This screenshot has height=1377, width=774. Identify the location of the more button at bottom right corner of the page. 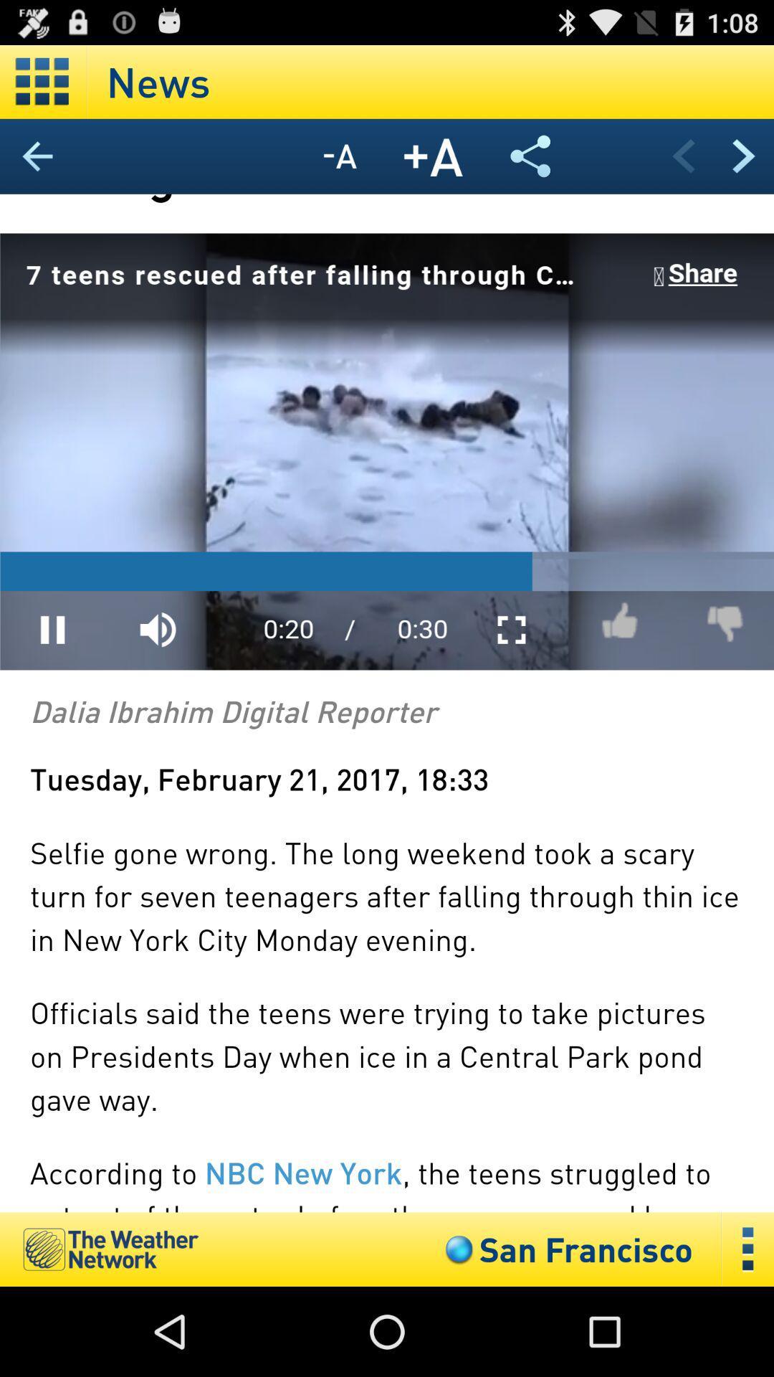
(747, 1249).